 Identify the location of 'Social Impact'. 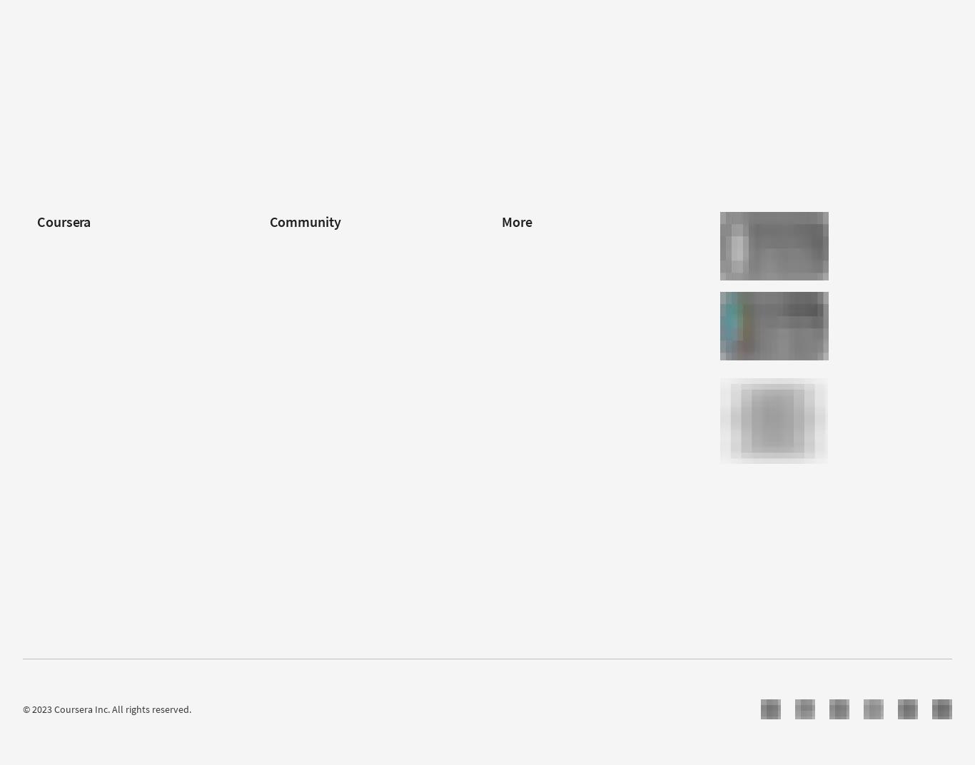
(65, 547).